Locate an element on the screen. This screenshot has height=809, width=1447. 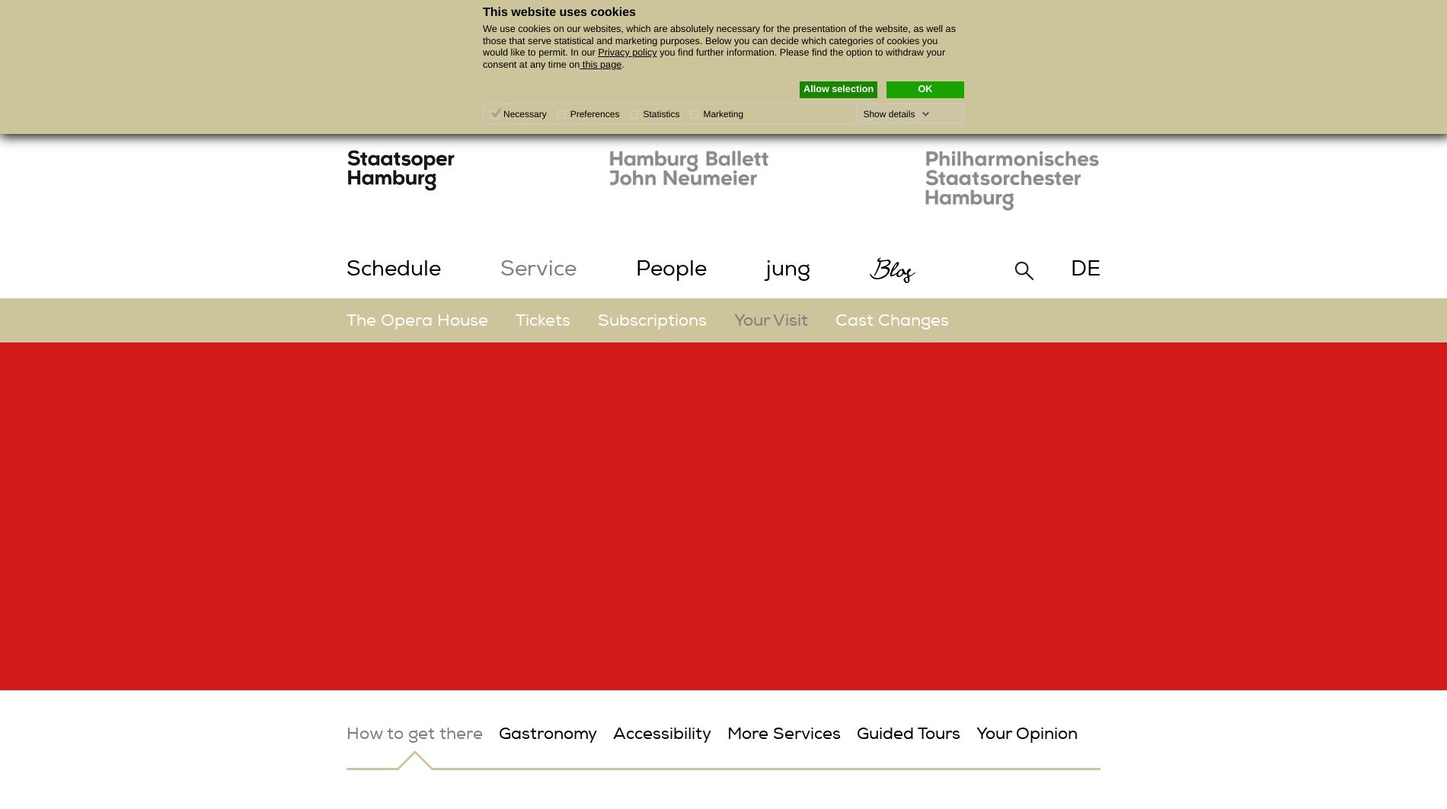
'Your Opinion' is located at coordinates (1026, 732).